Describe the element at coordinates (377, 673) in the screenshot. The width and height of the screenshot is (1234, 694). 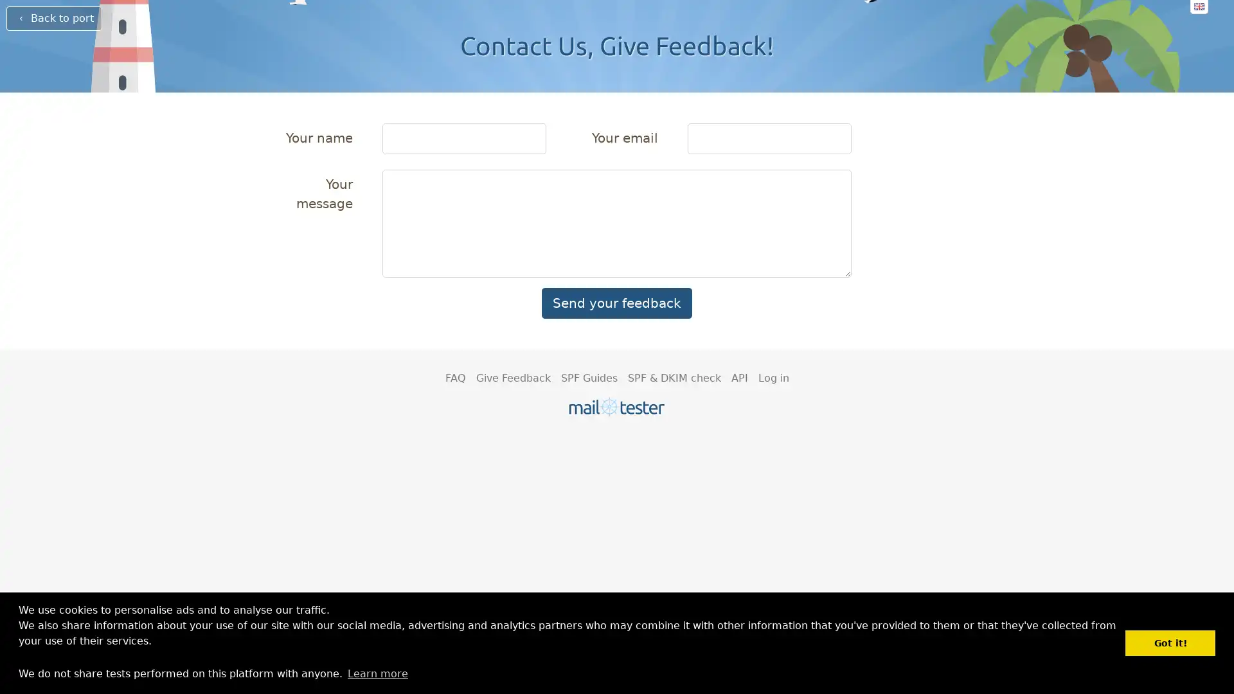
I see `learn more about cookies` at that location.